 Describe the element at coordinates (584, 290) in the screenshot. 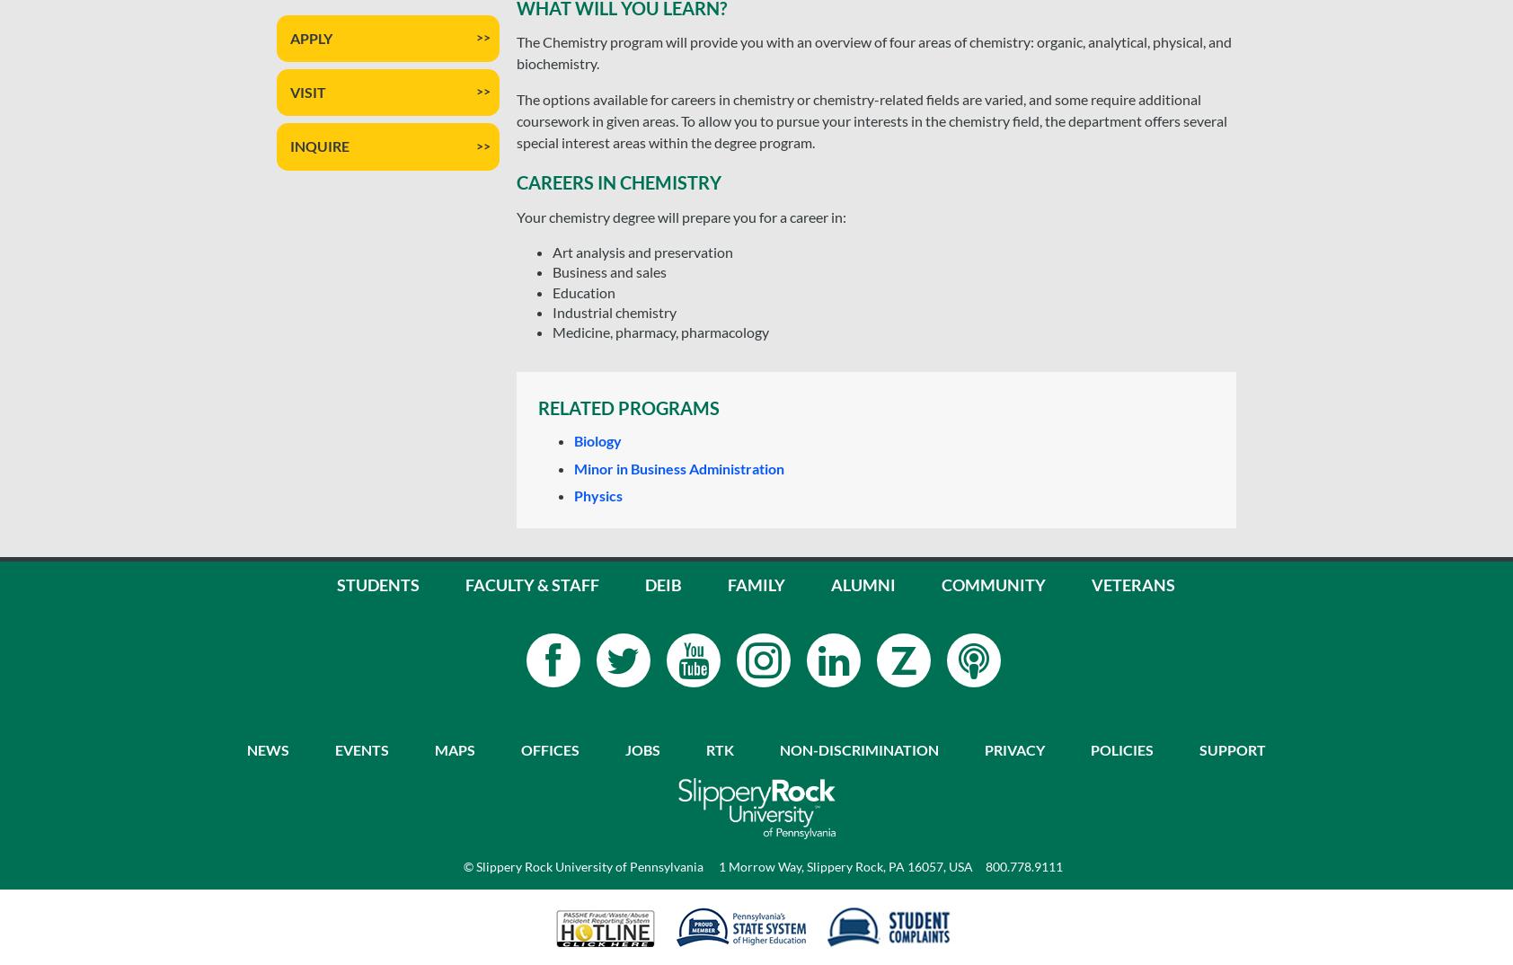

I see `'Education'` at that location.